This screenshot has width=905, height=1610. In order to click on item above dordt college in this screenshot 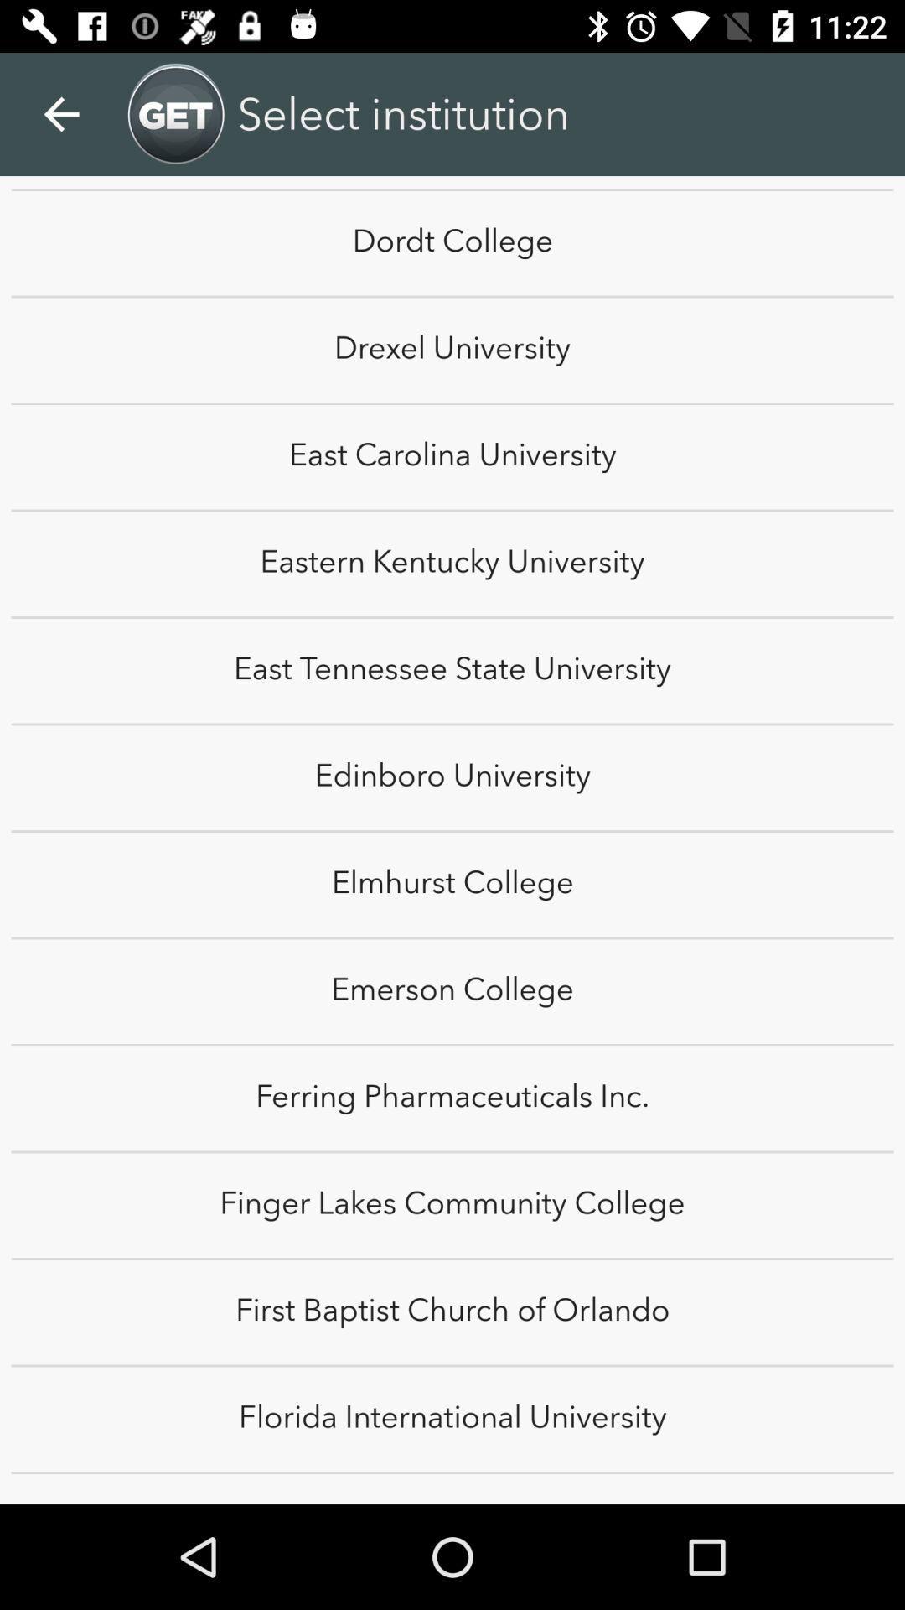, I will do `click(60, 113)`.